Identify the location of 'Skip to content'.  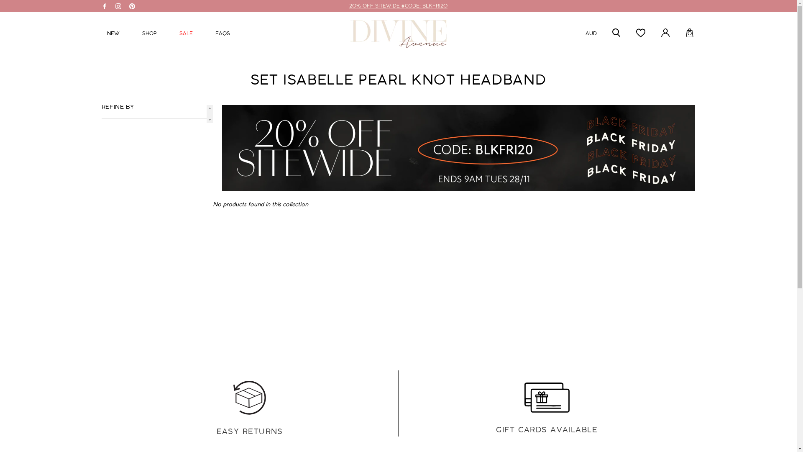
(0, 0).